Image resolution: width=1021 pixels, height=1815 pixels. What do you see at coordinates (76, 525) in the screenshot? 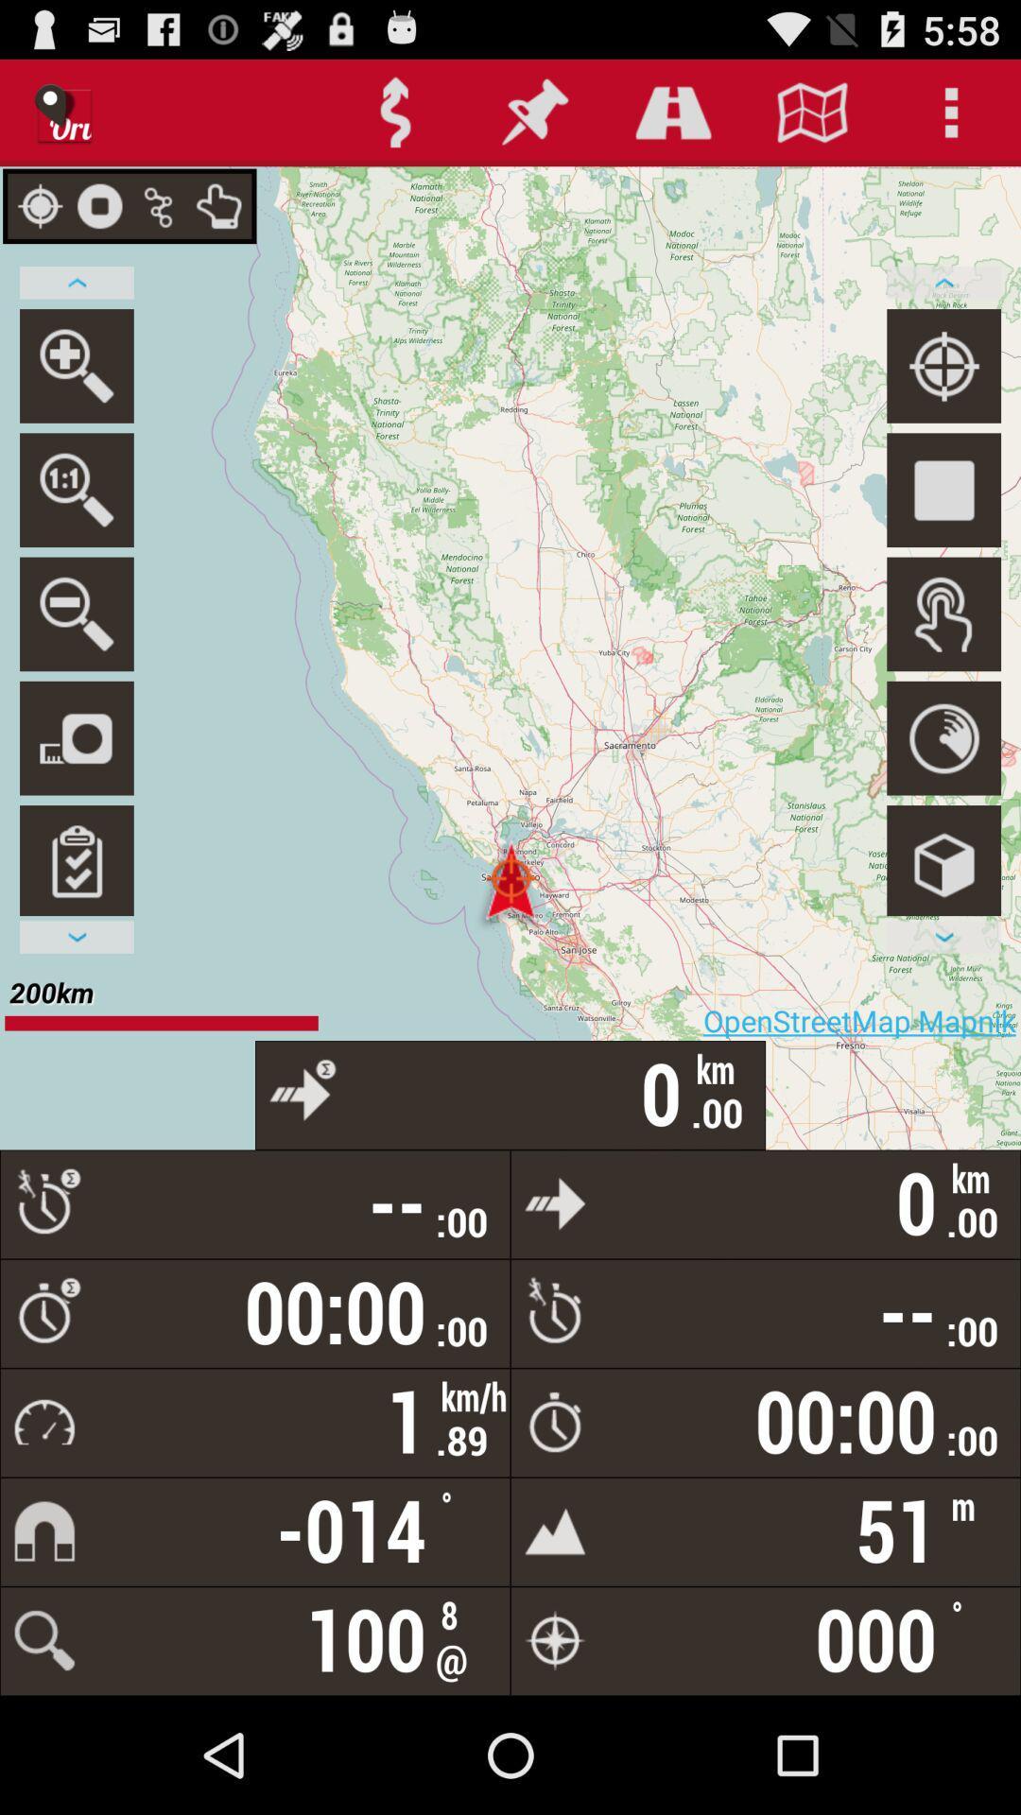
I see `the search icon` at bounding box center [76, 525].